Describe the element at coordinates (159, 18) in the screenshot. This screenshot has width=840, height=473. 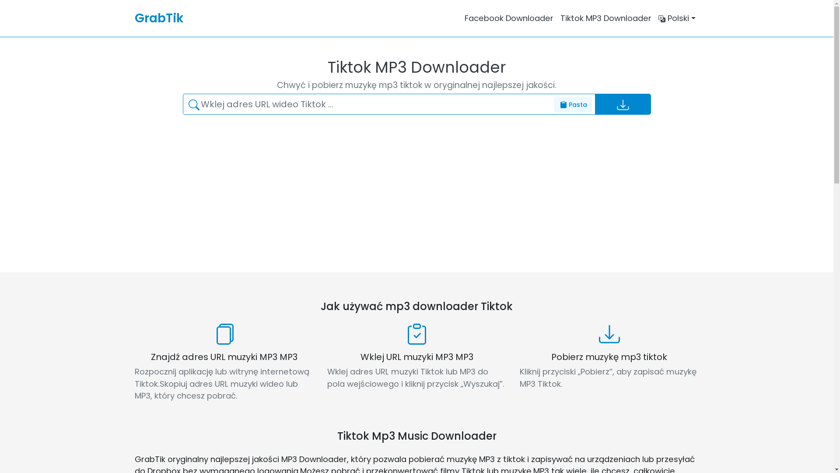
I see `'GrabTik'` at that location.